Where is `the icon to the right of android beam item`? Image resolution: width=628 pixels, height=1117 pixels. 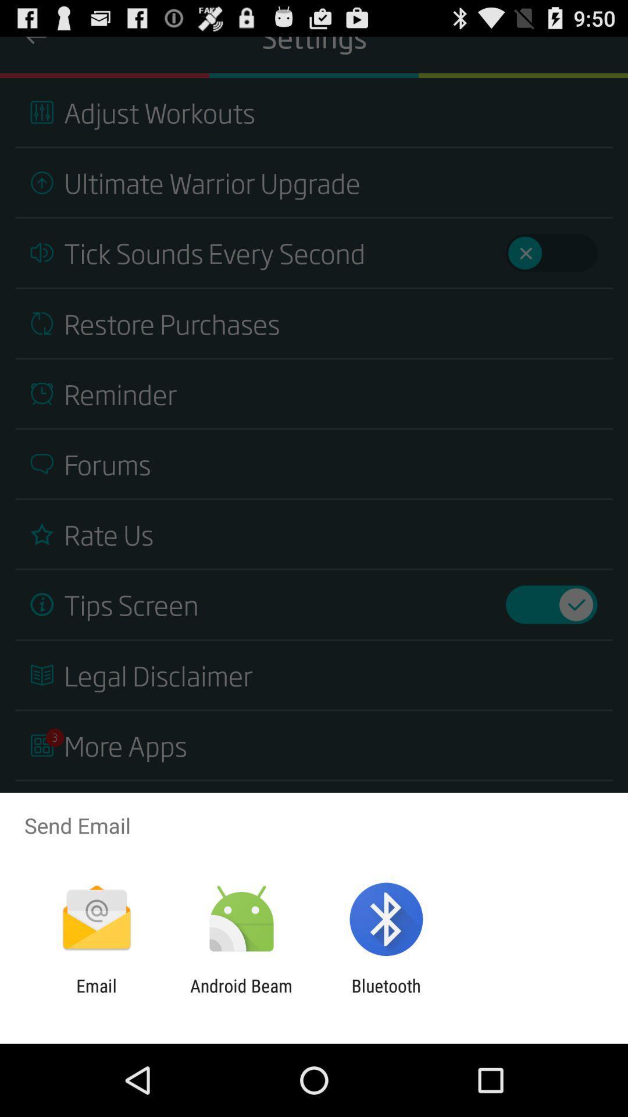
the icon to the right of android beam item is located at coordinates (386, 995).